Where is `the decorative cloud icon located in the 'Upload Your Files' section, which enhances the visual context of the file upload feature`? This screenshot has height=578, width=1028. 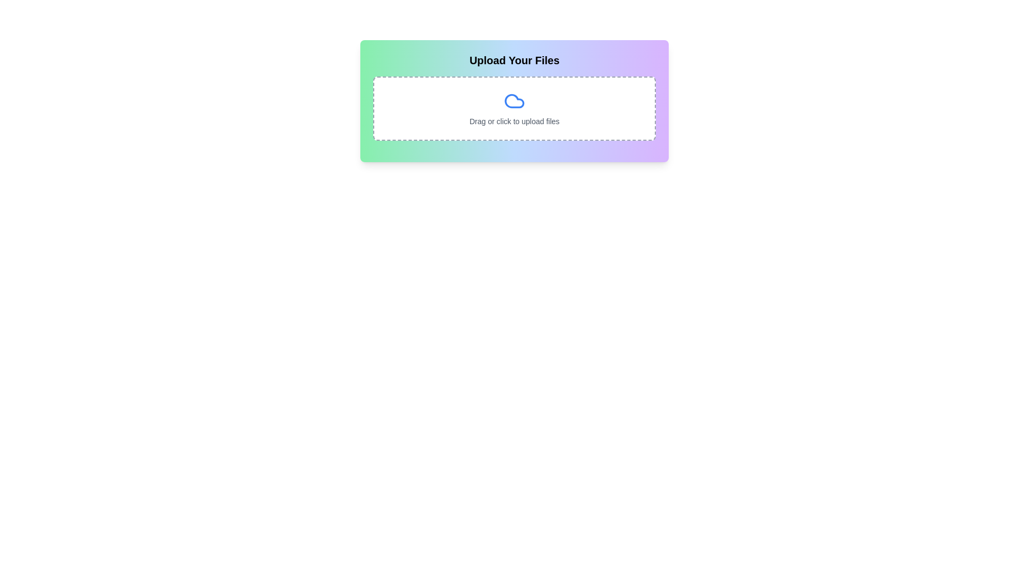
the decorative cloud icon located in the 'Upload Your Files' section, which enhances the visual context of the file upload feature is located at coordinates (514, 101).